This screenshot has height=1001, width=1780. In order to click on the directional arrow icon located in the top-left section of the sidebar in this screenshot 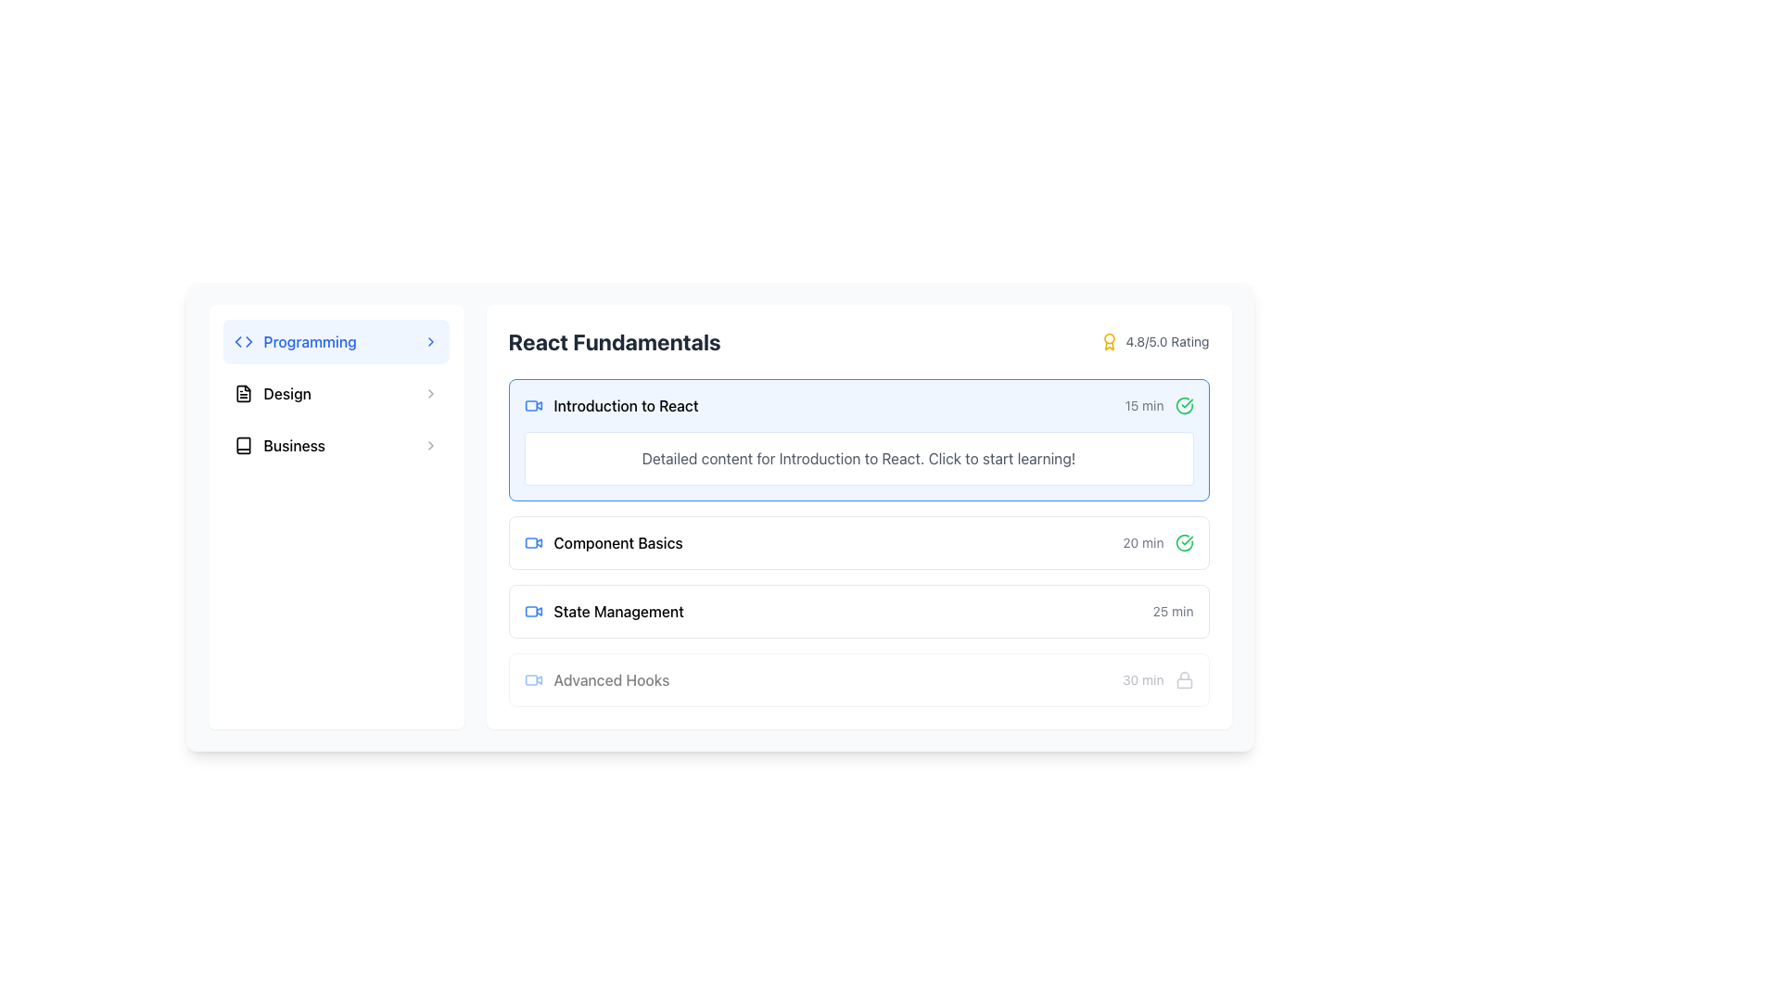, I will do `click(248, 342)`.